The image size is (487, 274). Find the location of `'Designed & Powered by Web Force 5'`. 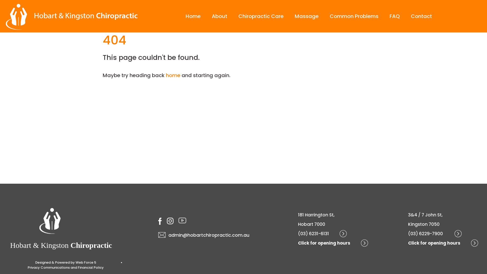

'Designed & Powered by Web Force 5' is located at coordinates (65, 262).